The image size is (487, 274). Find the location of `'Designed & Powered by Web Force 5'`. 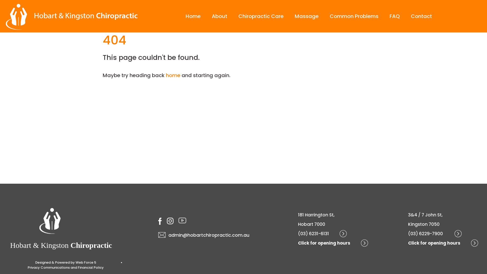

'Designed & Powered by Web Force 5' is located at coordinates (65, 262).